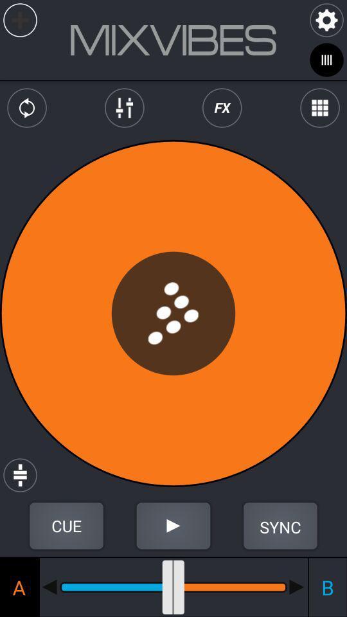  Describe the element at coordinates (280, 526) in the screenshot. I see `sync button` at that location.